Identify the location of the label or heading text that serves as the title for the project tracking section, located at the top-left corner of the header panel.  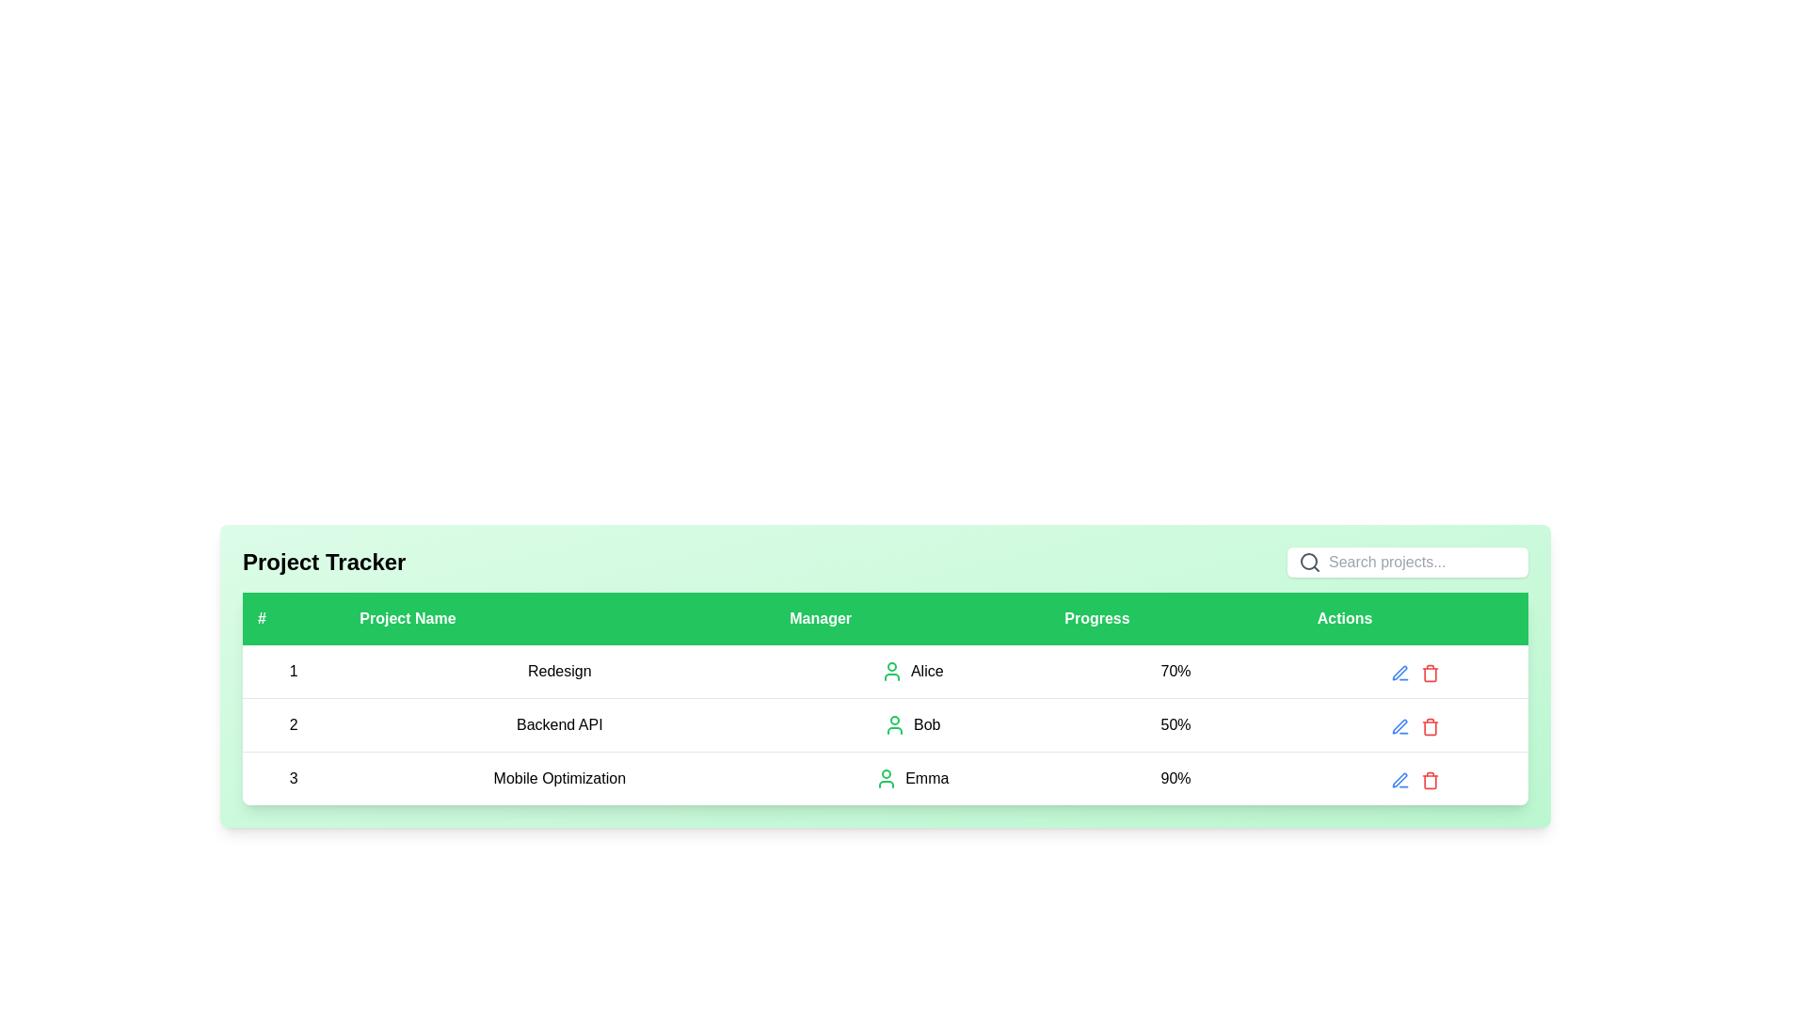
(324, 561).